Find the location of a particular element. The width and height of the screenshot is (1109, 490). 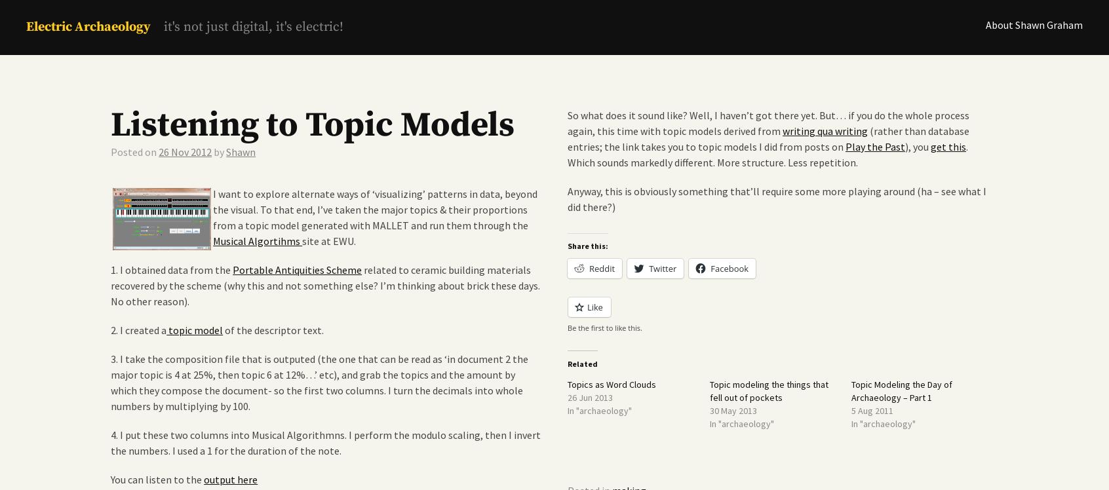

'writing qua writing' is located at coordinates (825, 131).